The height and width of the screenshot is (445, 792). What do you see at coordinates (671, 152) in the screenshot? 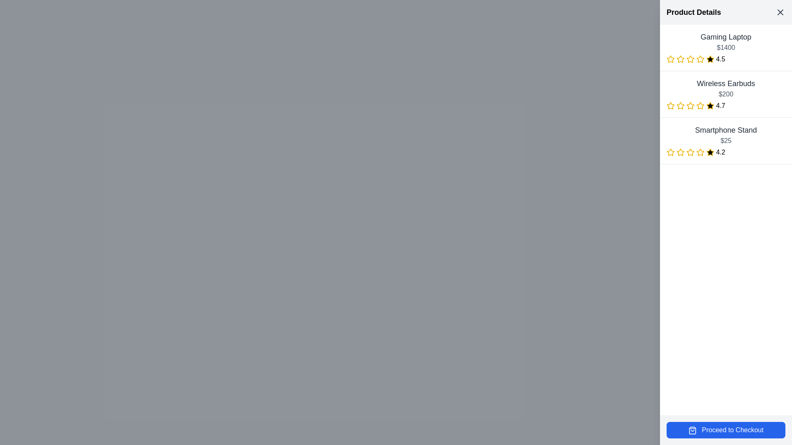
I see `the first star icon in the row of stars for the 'Smartphone Stand' item located in the lower section of the 'Product Details' sidebar` at bounding box center [671, 152].